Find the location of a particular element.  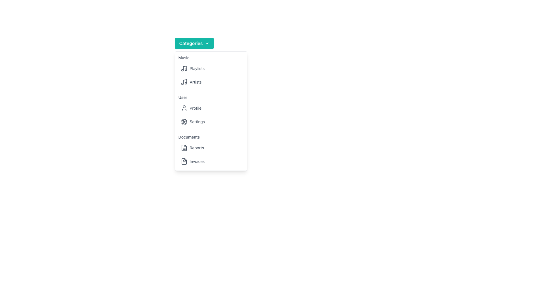

the 'Artists' button in the sidebar menu is located at coordinates (211, 82).